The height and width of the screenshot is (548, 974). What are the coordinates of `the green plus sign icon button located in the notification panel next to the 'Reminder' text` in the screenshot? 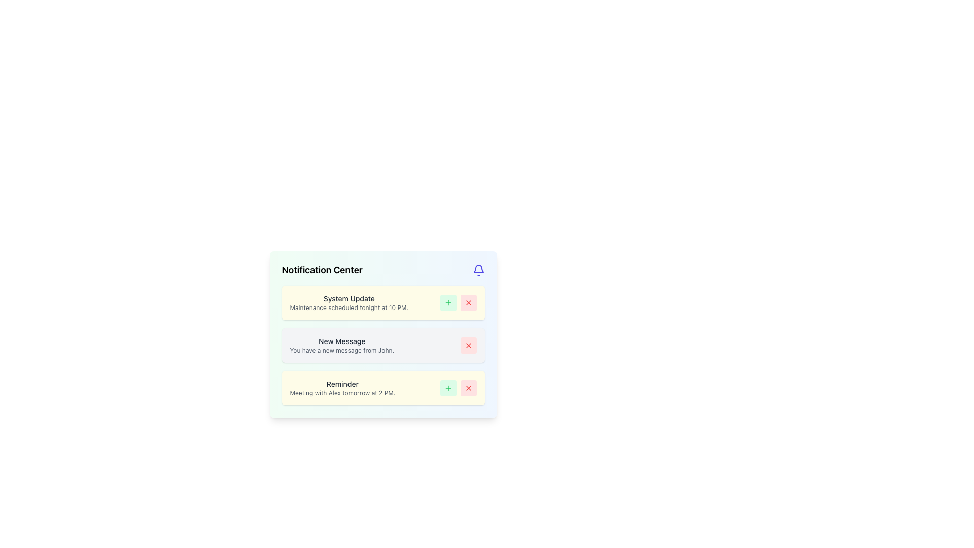 It's located at (447, 388).